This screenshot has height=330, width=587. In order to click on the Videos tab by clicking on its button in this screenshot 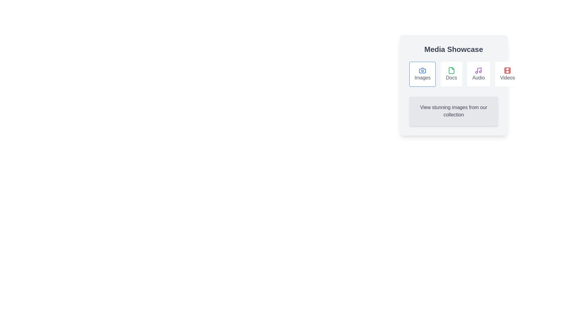, I will do `click(508, 74)`.